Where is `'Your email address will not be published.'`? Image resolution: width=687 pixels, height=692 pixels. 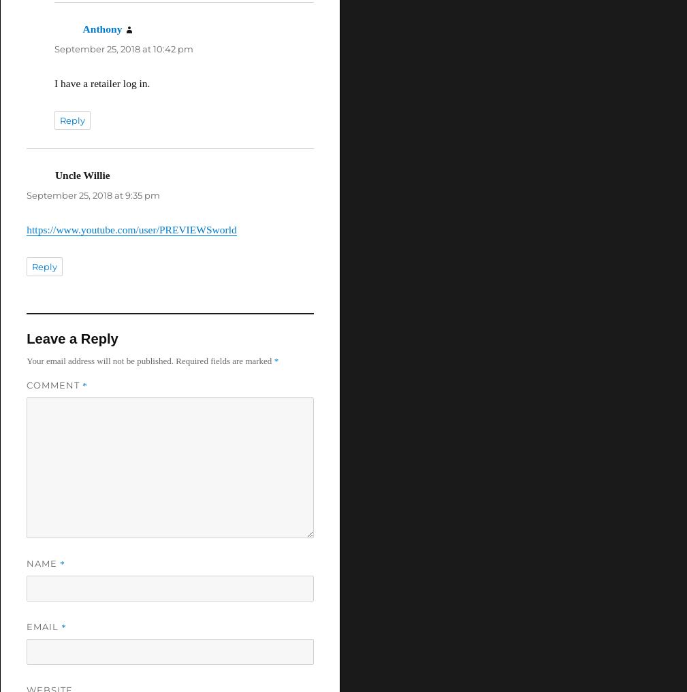
'Your email address will not be published.' is located at coordinates (99, 360).